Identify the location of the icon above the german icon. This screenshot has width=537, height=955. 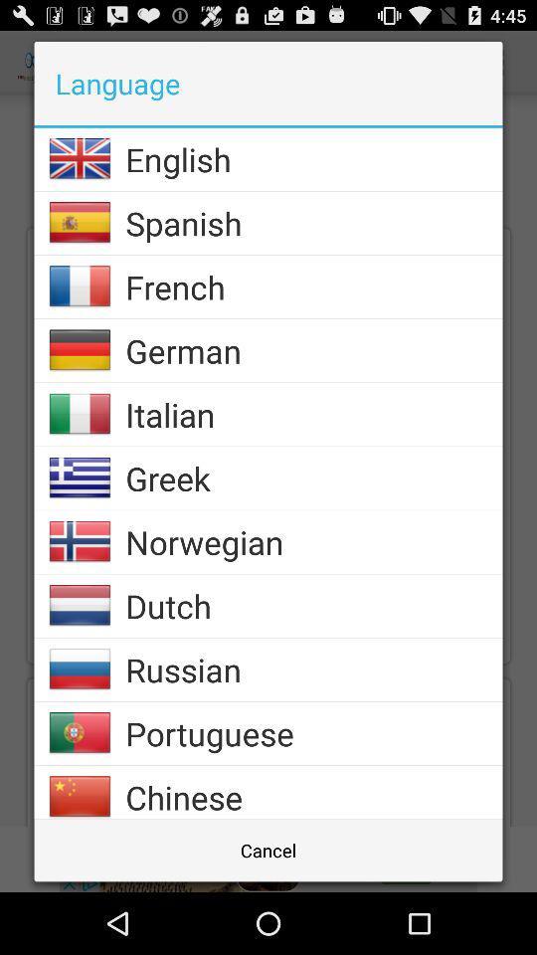
(313, 286).